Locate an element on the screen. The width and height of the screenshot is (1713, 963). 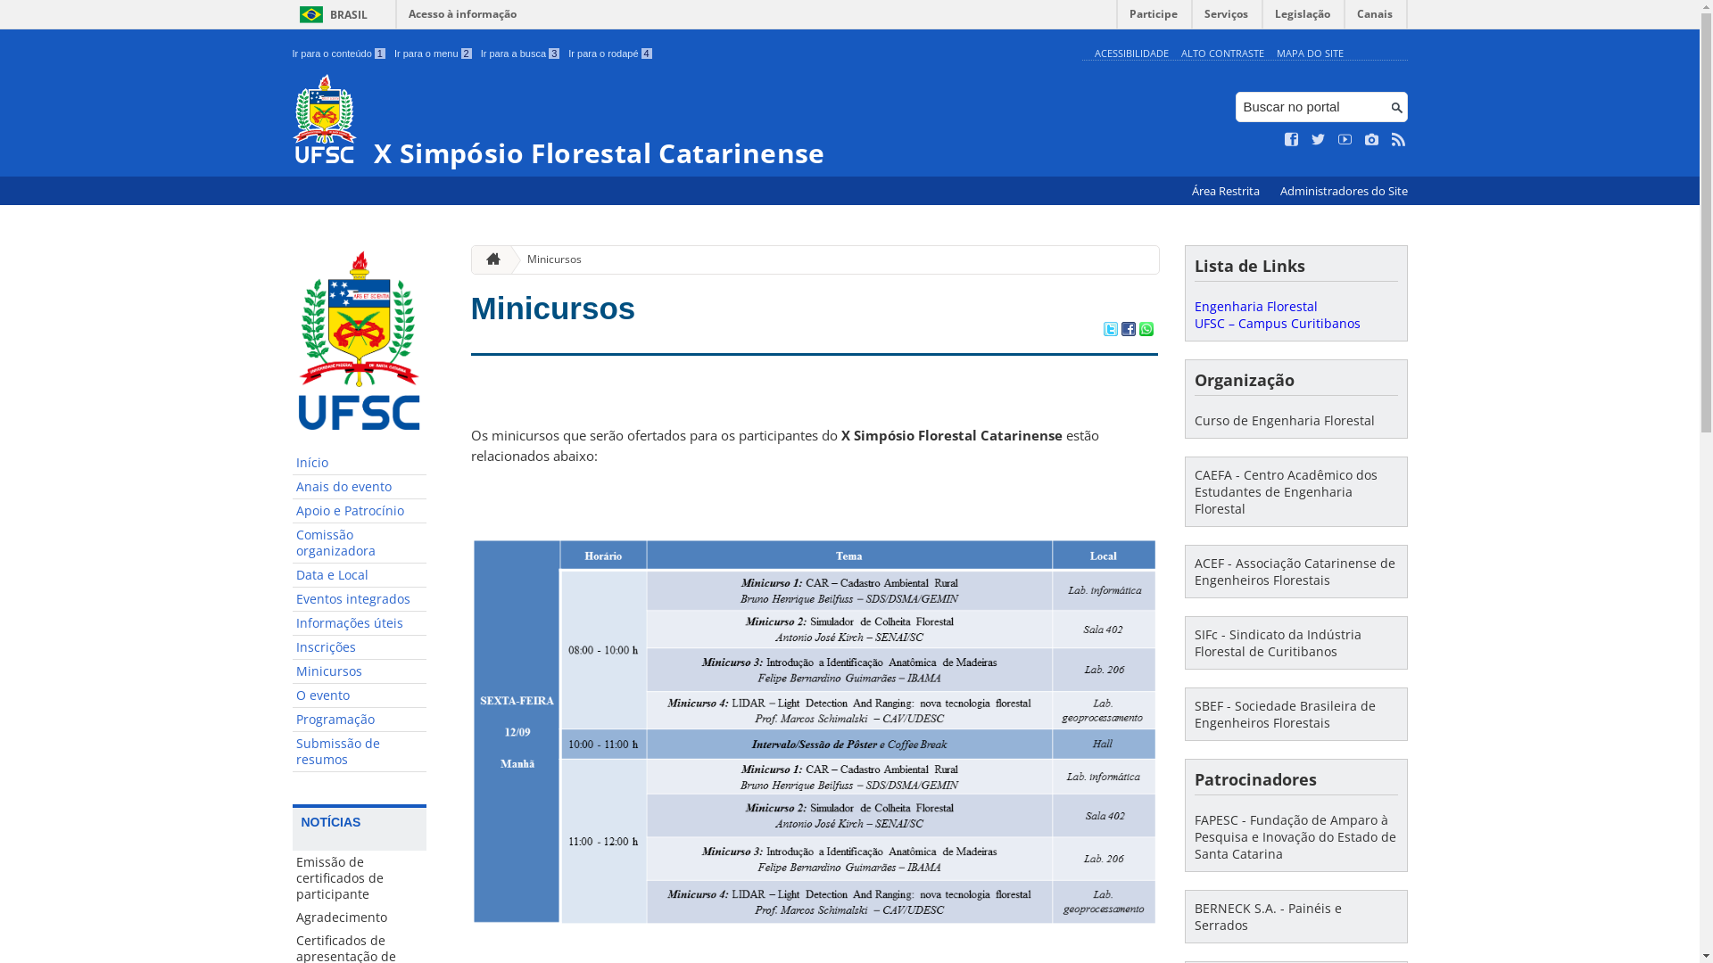
'Compartilhar no WhatsApp' is located at coordinates (1145, 330).